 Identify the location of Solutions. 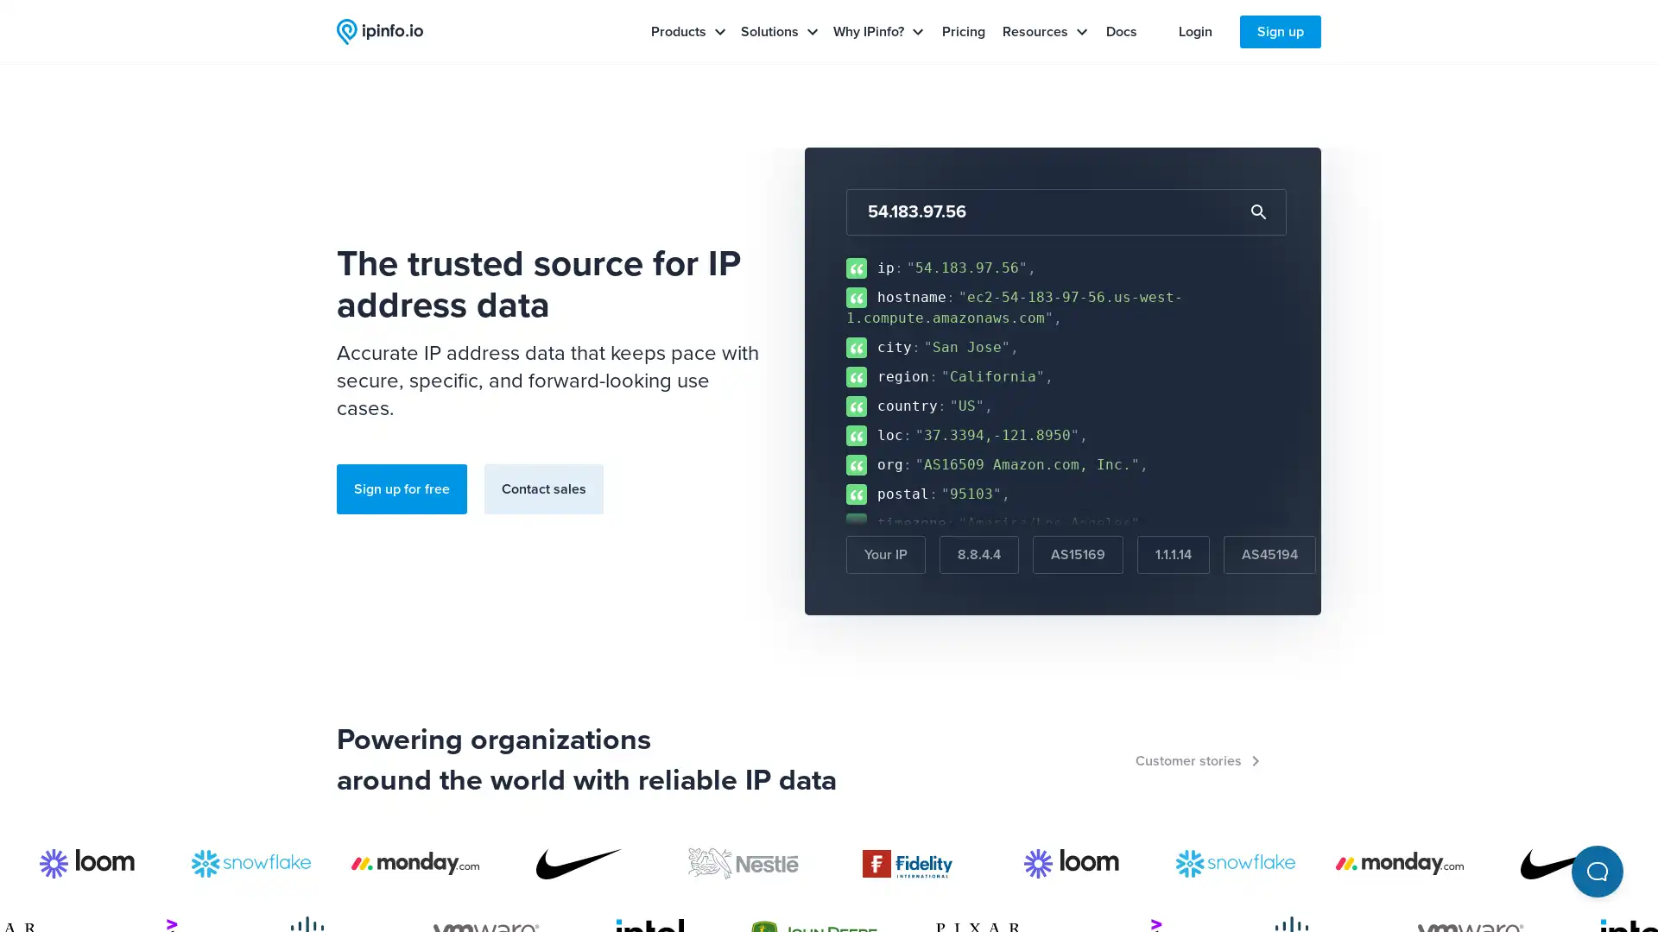
(779, 32).